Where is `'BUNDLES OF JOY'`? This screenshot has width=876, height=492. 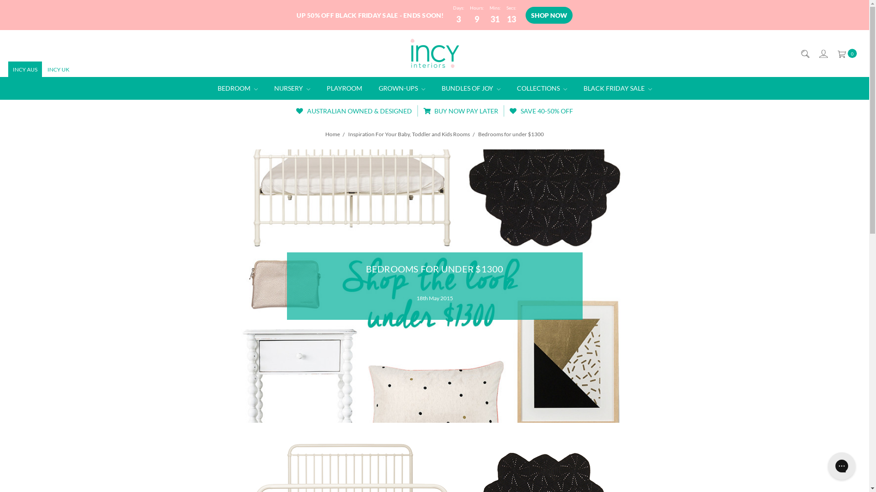 'BUNDLES OF JOY' is located at coordinates (471, 88).